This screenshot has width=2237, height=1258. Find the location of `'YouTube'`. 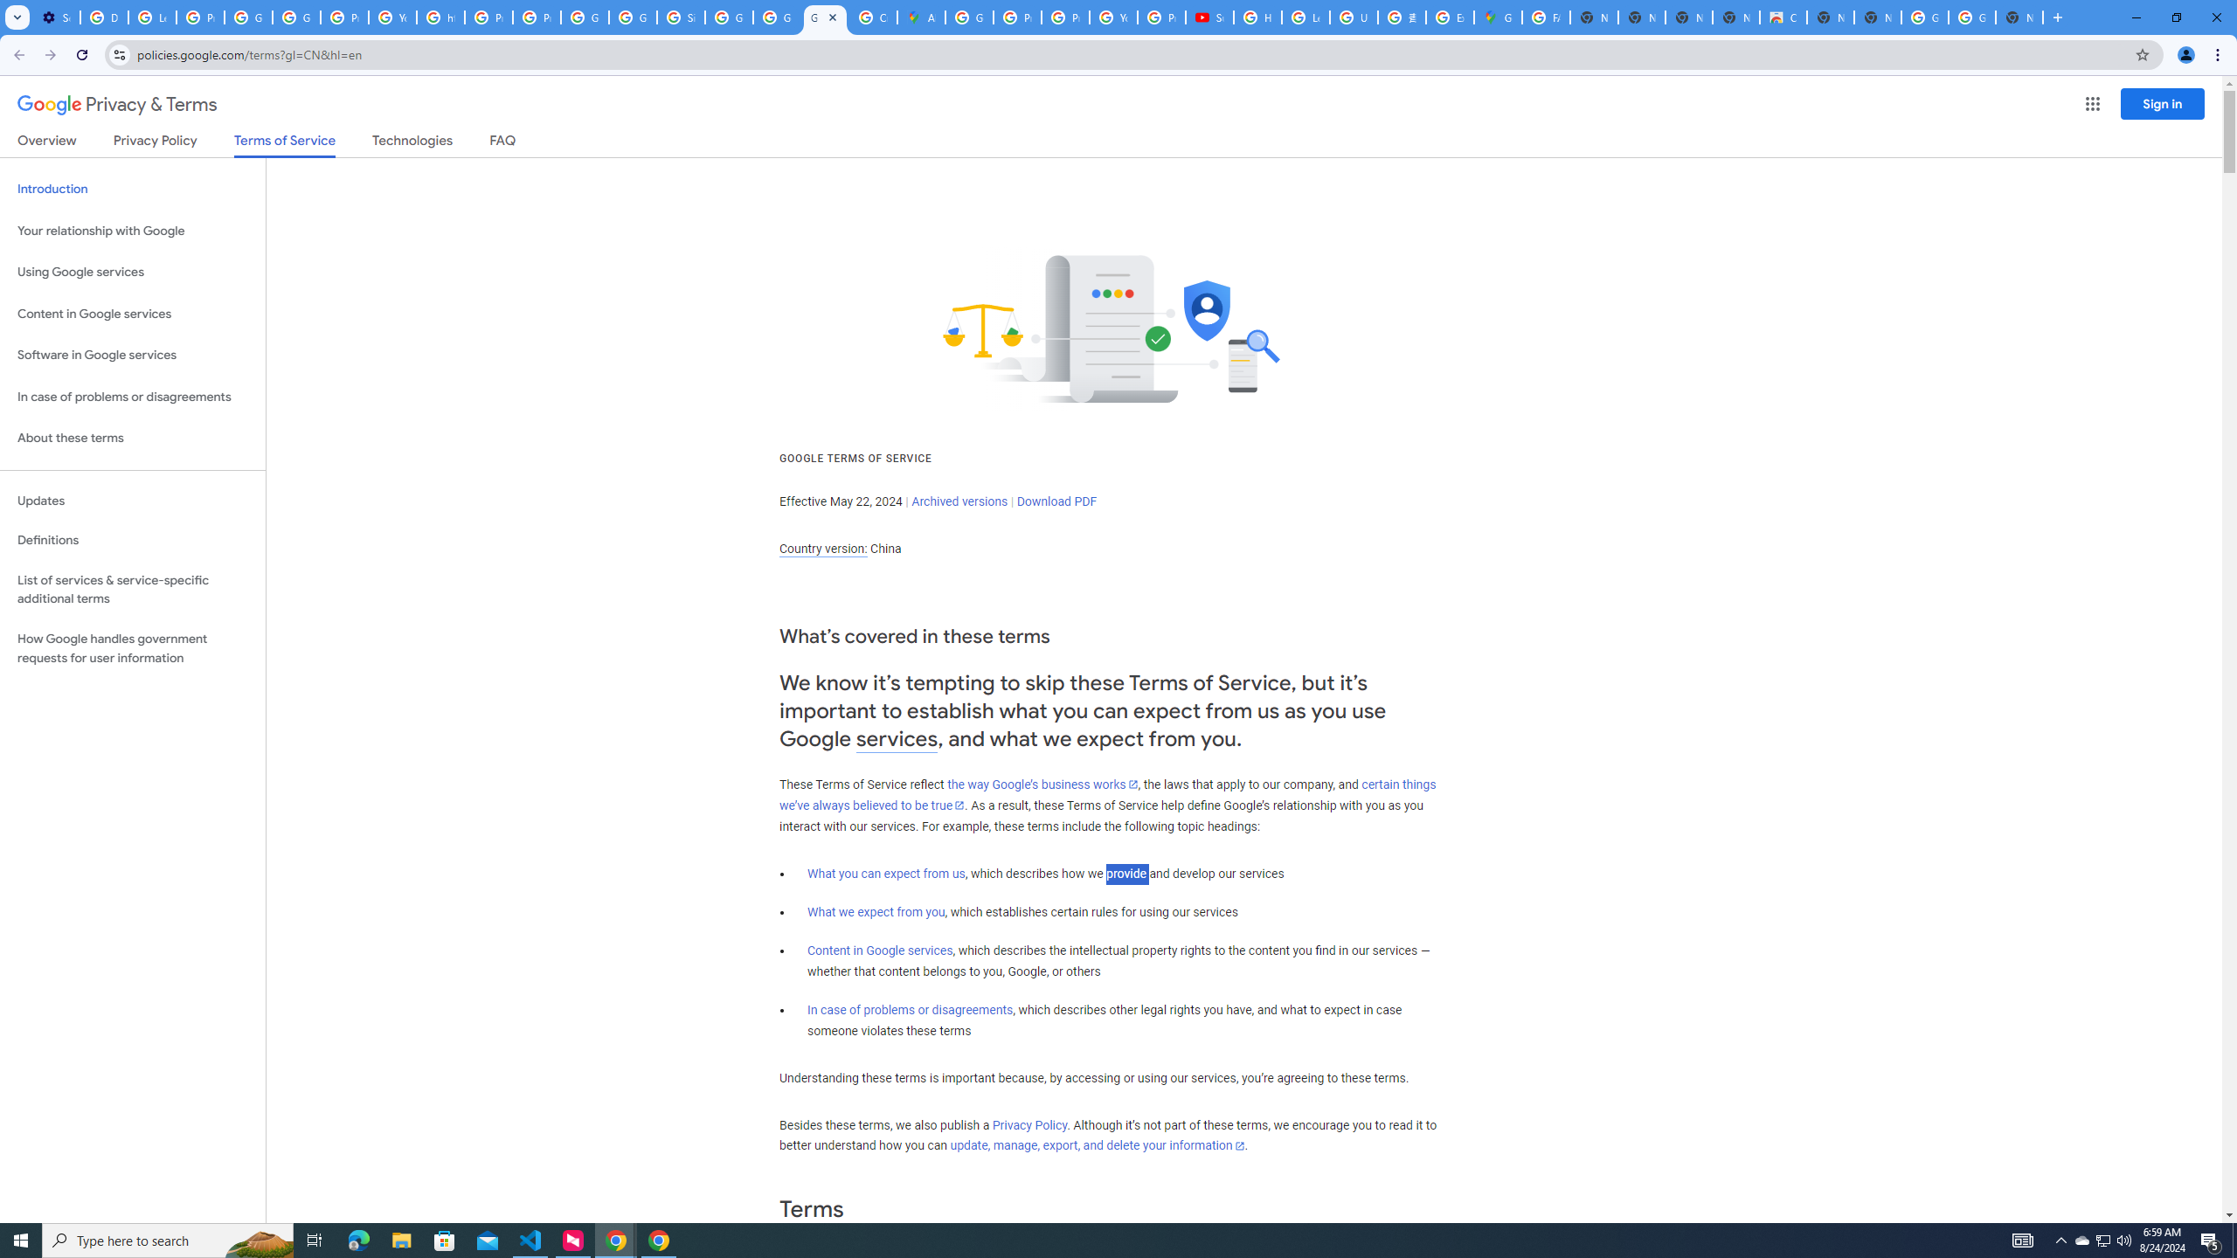

'YouTube' is located at coordinates (1112, 17).